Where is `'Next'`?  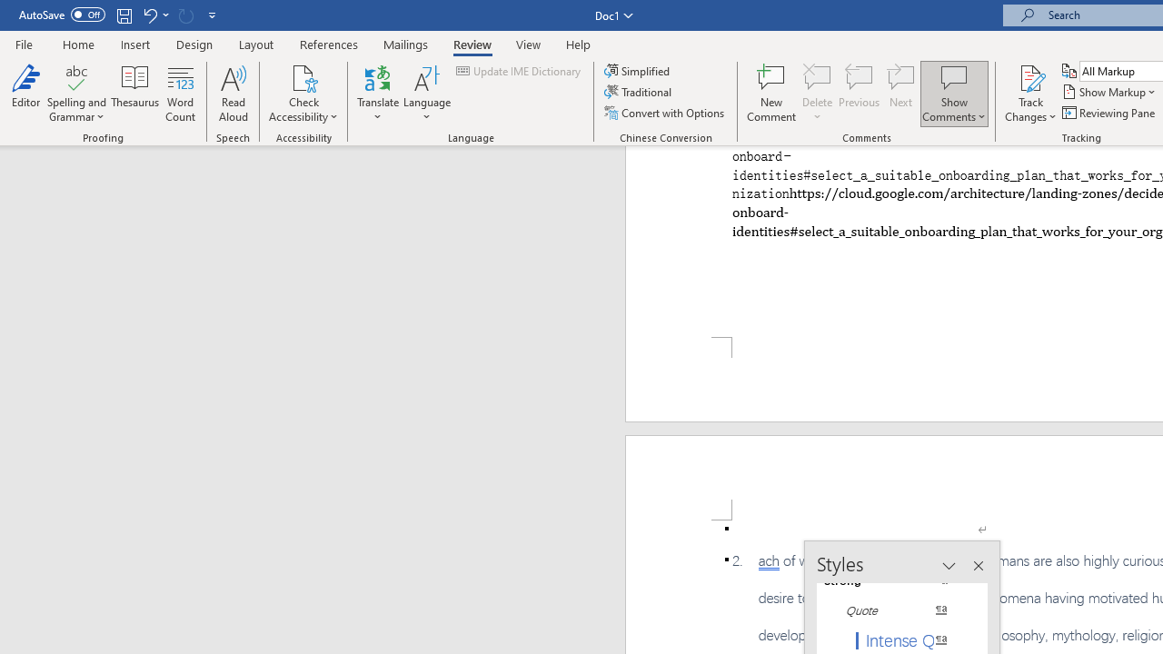 'Next' is located at coordinates (901, 94).